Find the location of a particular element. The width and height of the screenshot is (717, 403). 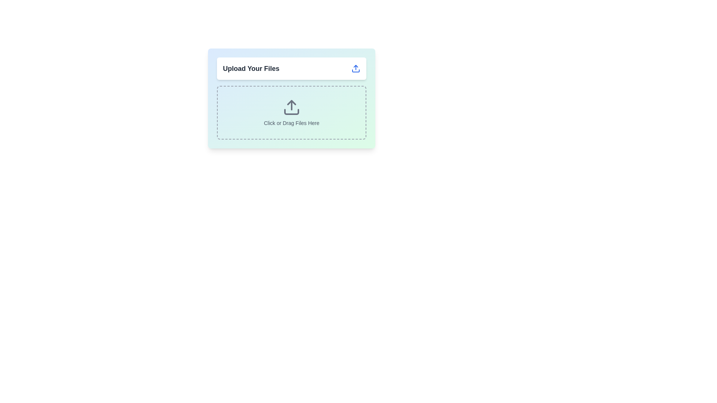

the upload icon, which is a dark-gray icon with an upward arrow inside a U-shaped outline, located centrally within the drag-and-drop file area of the upload panel is located at coordinates (291, 107).